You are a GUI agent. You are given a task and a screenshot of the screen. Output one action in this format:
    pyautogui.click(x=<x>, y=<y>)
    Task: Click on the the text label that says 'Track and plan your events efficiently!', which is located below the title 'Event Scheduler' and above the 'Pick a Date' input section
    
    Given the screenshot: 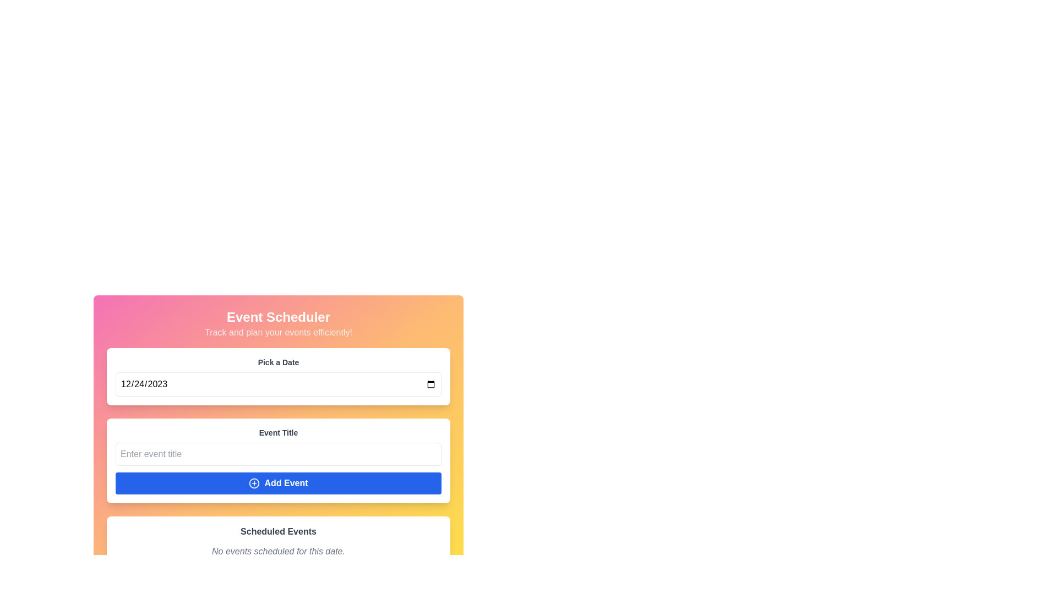 What is the action you would take?
    pyautogui.click(x=278, y=332)
    